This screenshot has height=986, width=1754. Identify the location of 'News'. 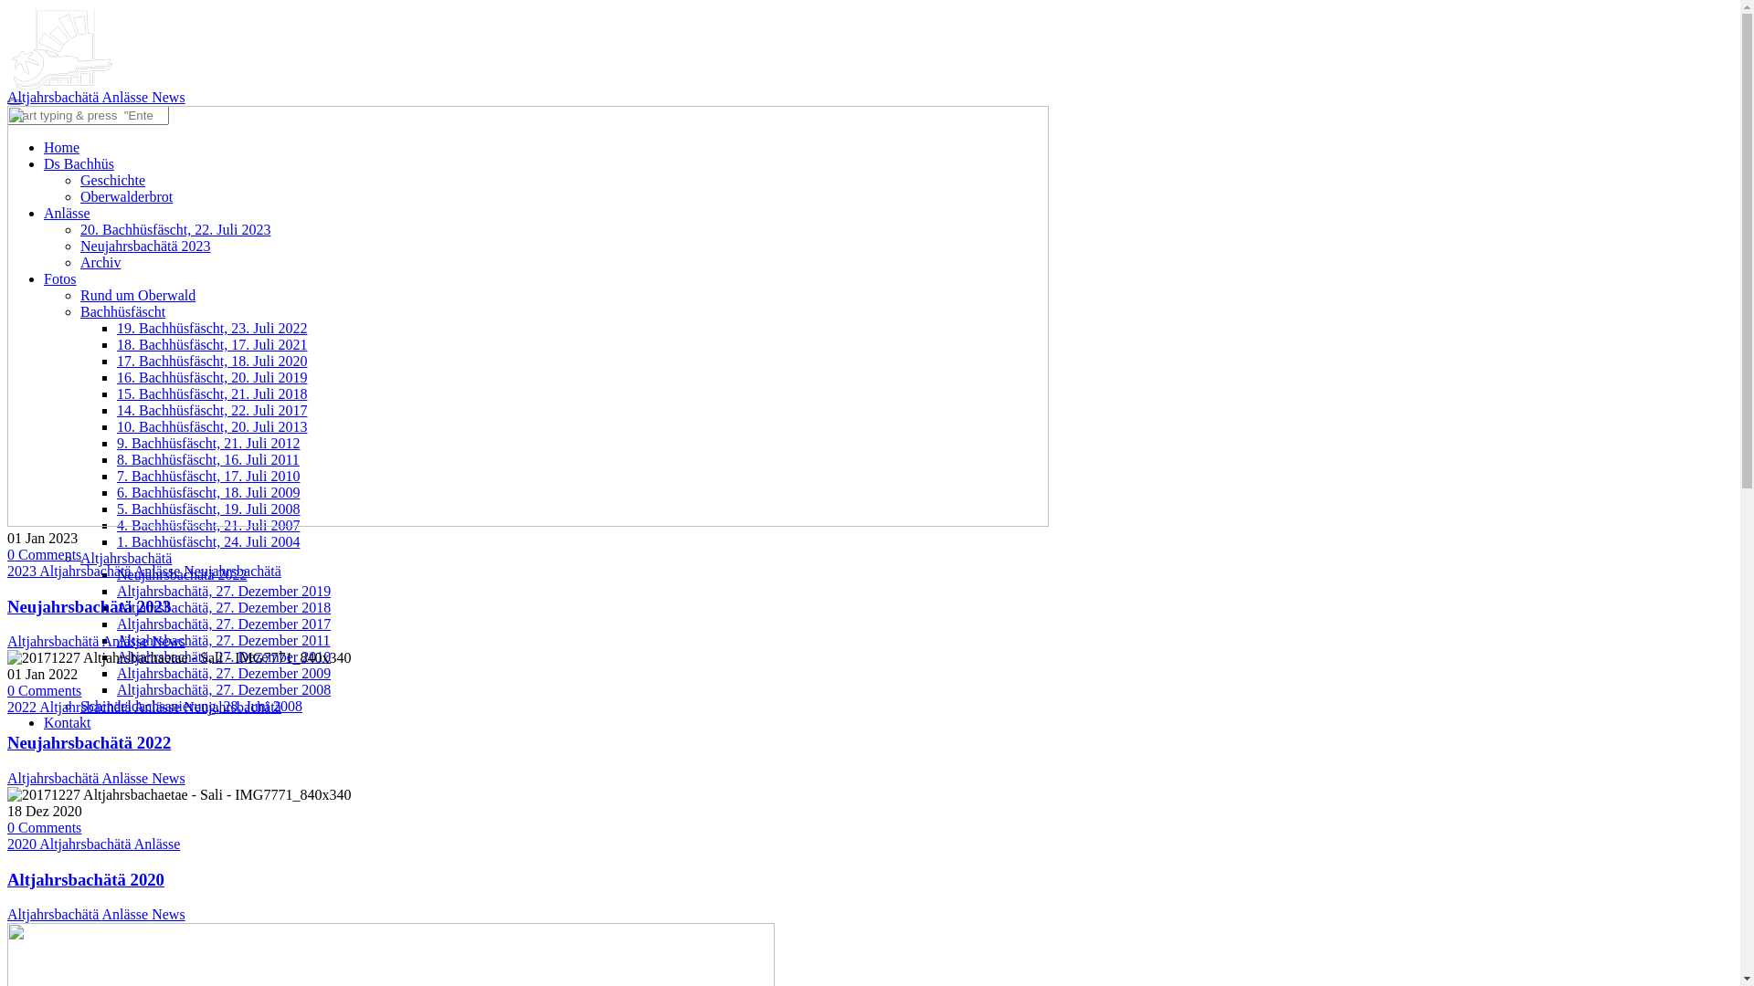
(152, 778).